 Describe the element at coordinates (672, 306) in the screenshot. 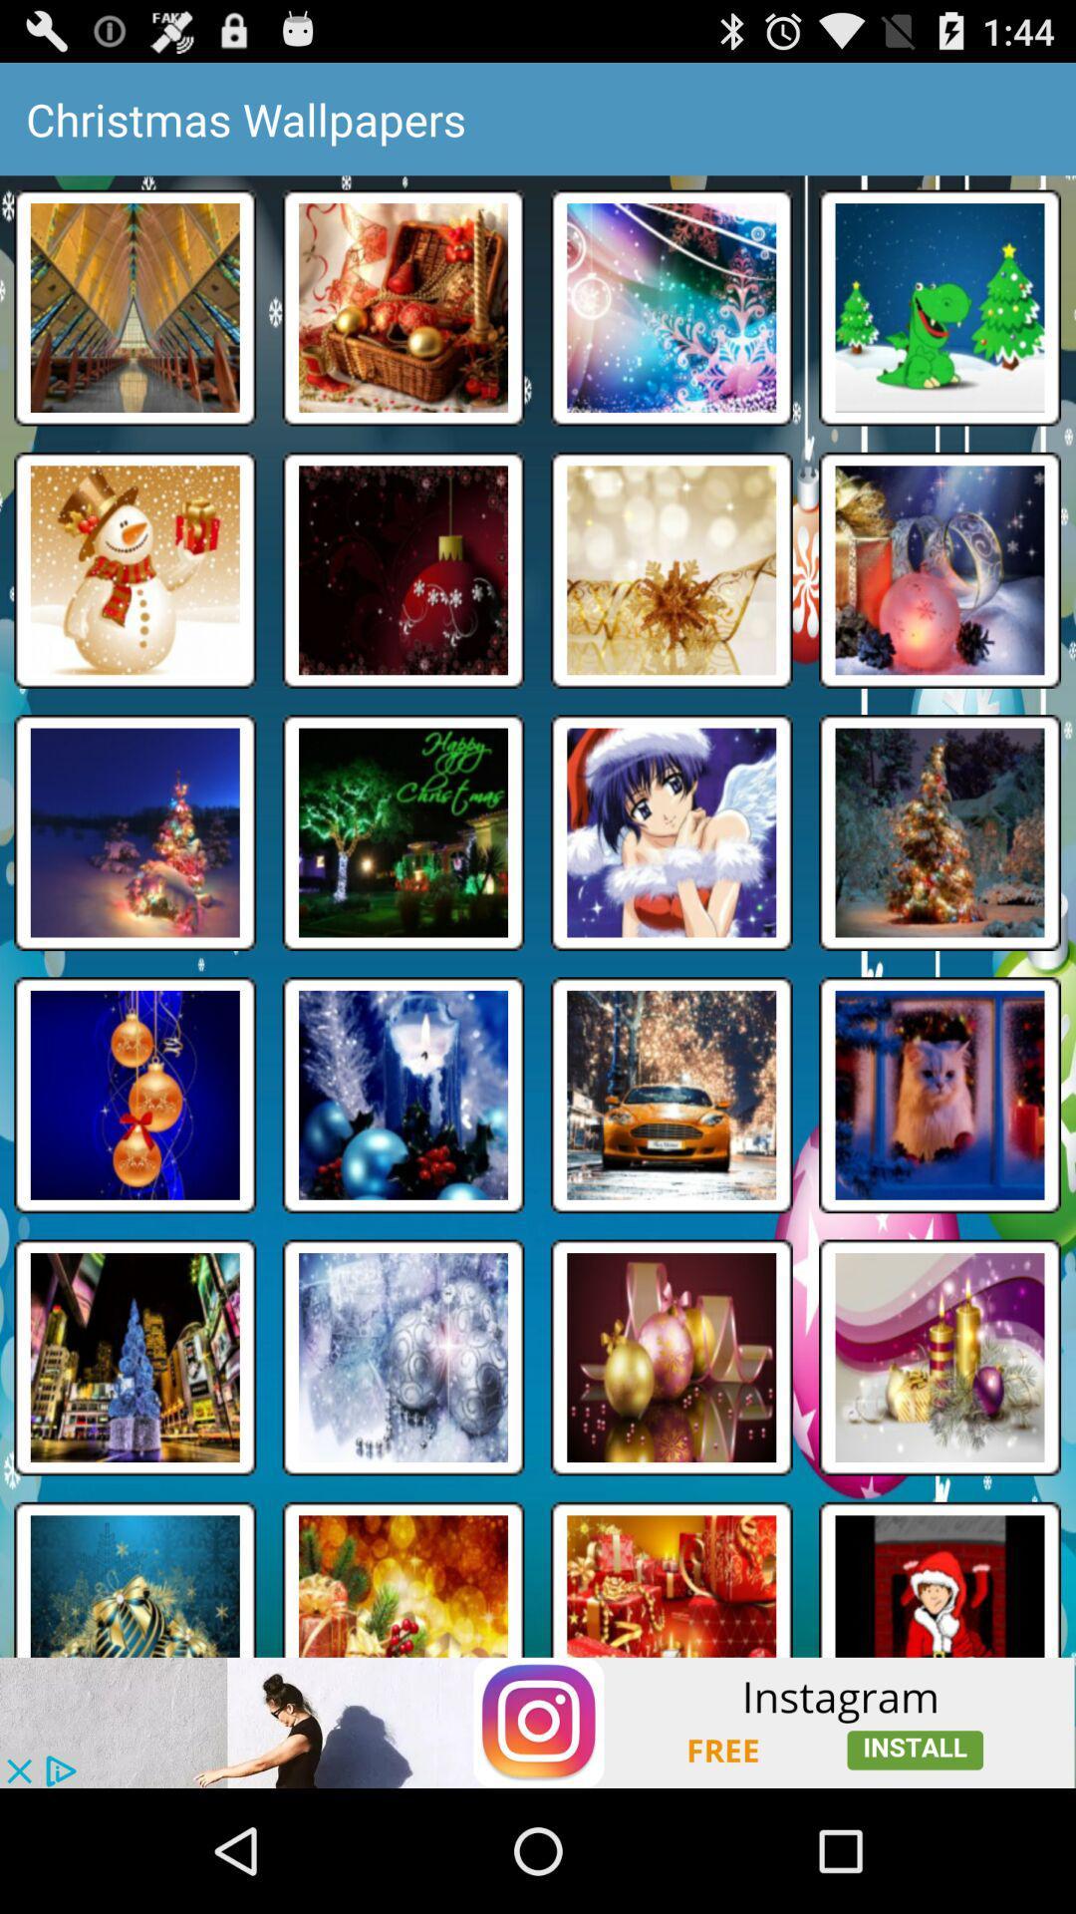

I see `the third box in first row` at that location.